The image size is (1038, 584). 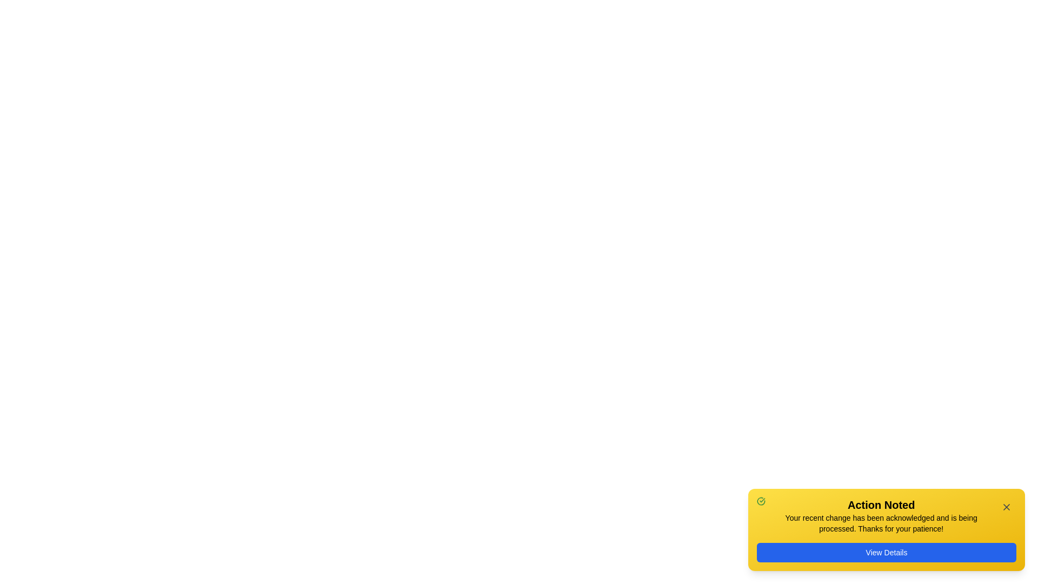 What do you see at coordinates (1006, 507) in the screenshot?
I see `the close button of the snackbar notification` at bounding box center [1006, 507].